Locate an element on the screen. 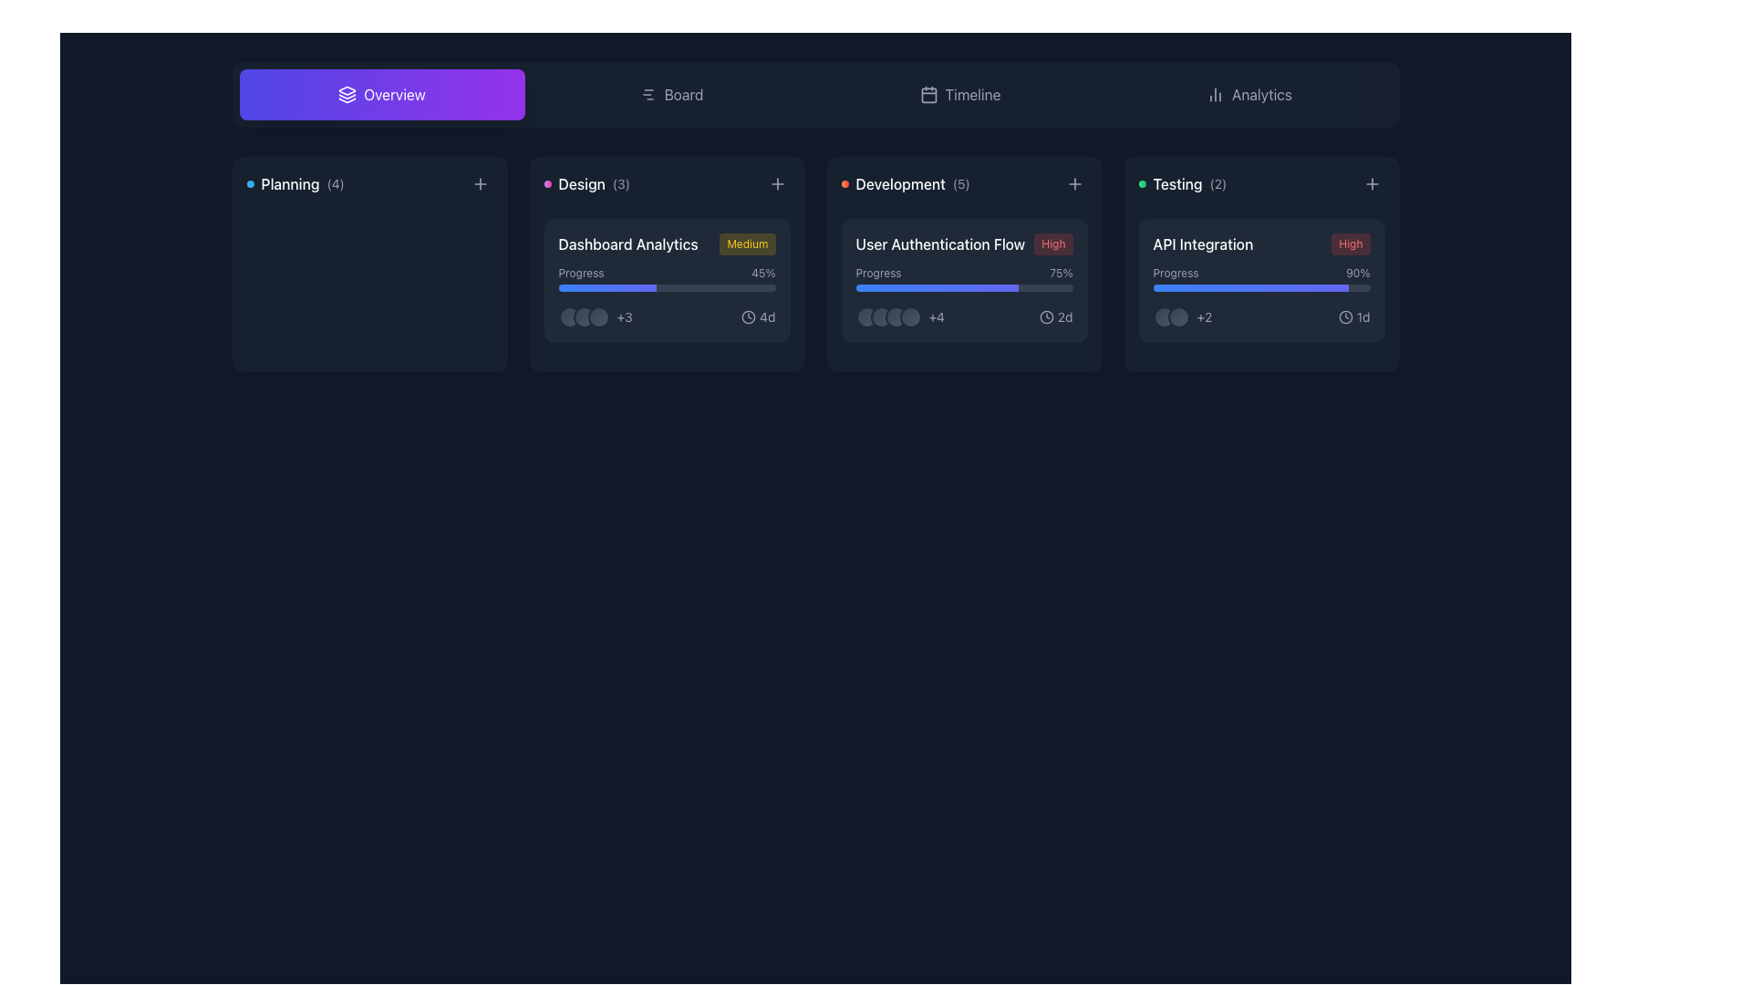  the Progress Bar that visually represents 75% completion, located within the 'Development' category card labeled 'User Authentication Flow' is located at coordinates (963, 278).